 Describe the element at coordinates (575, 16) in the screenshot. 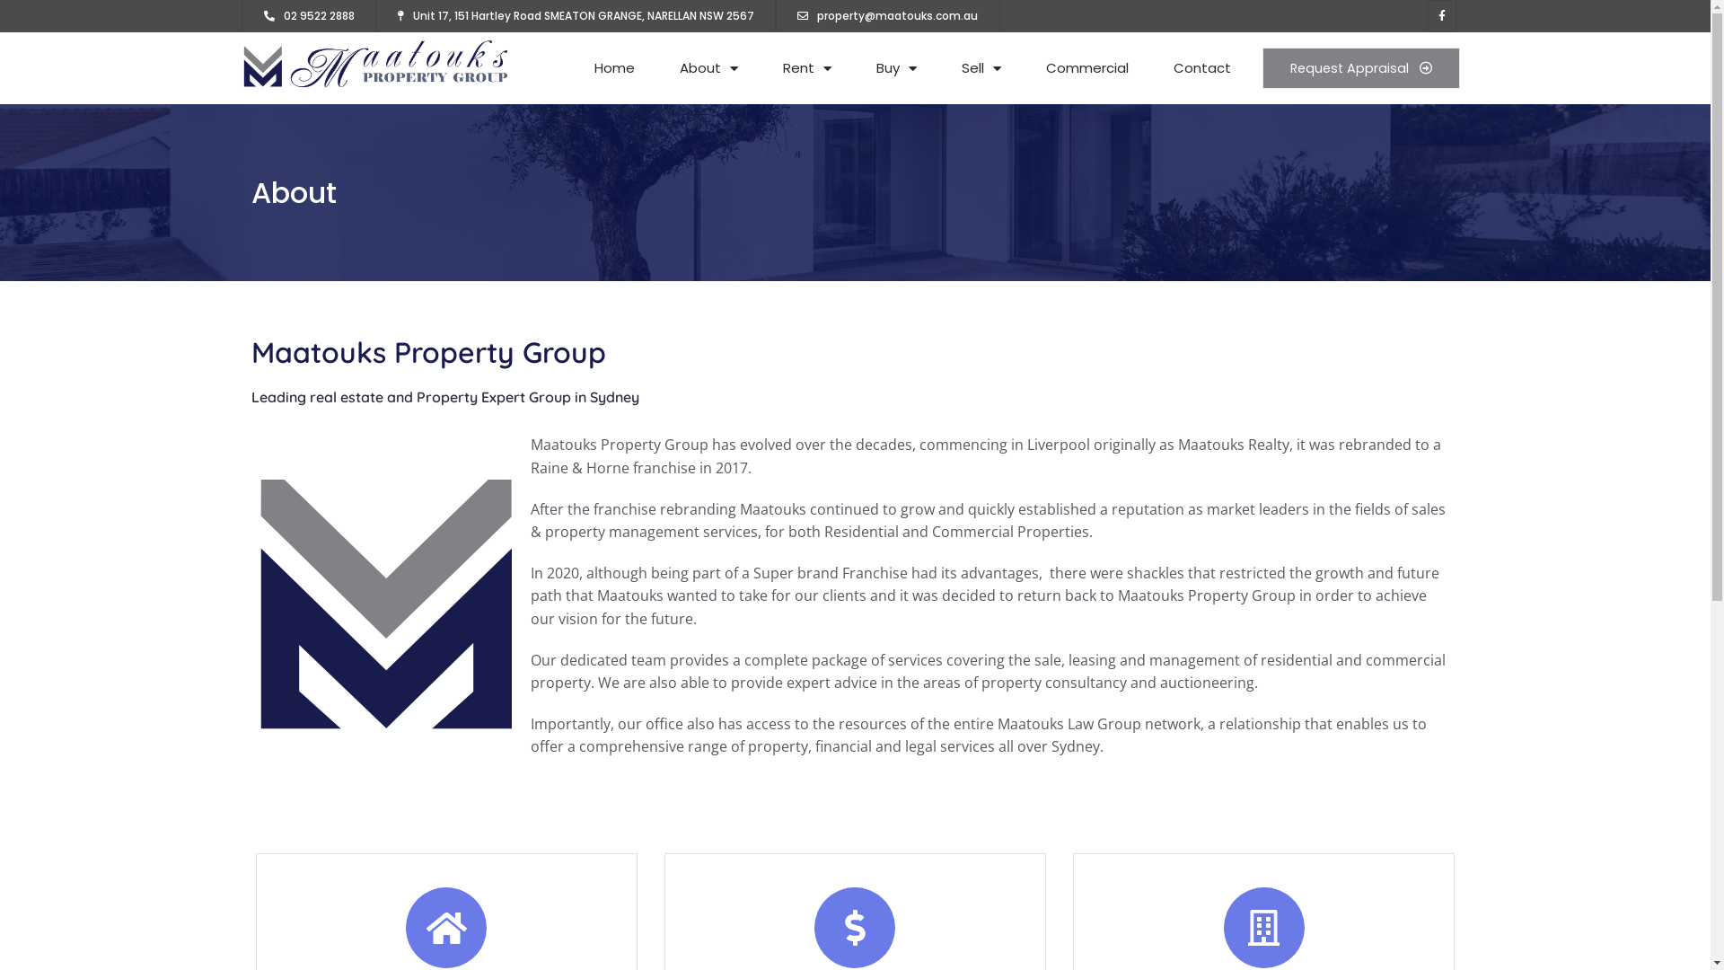

I see `'Unit 17, 151 Hartley Road SMEATON GRANGE, NARELLAN NSW 2567'` at that location.